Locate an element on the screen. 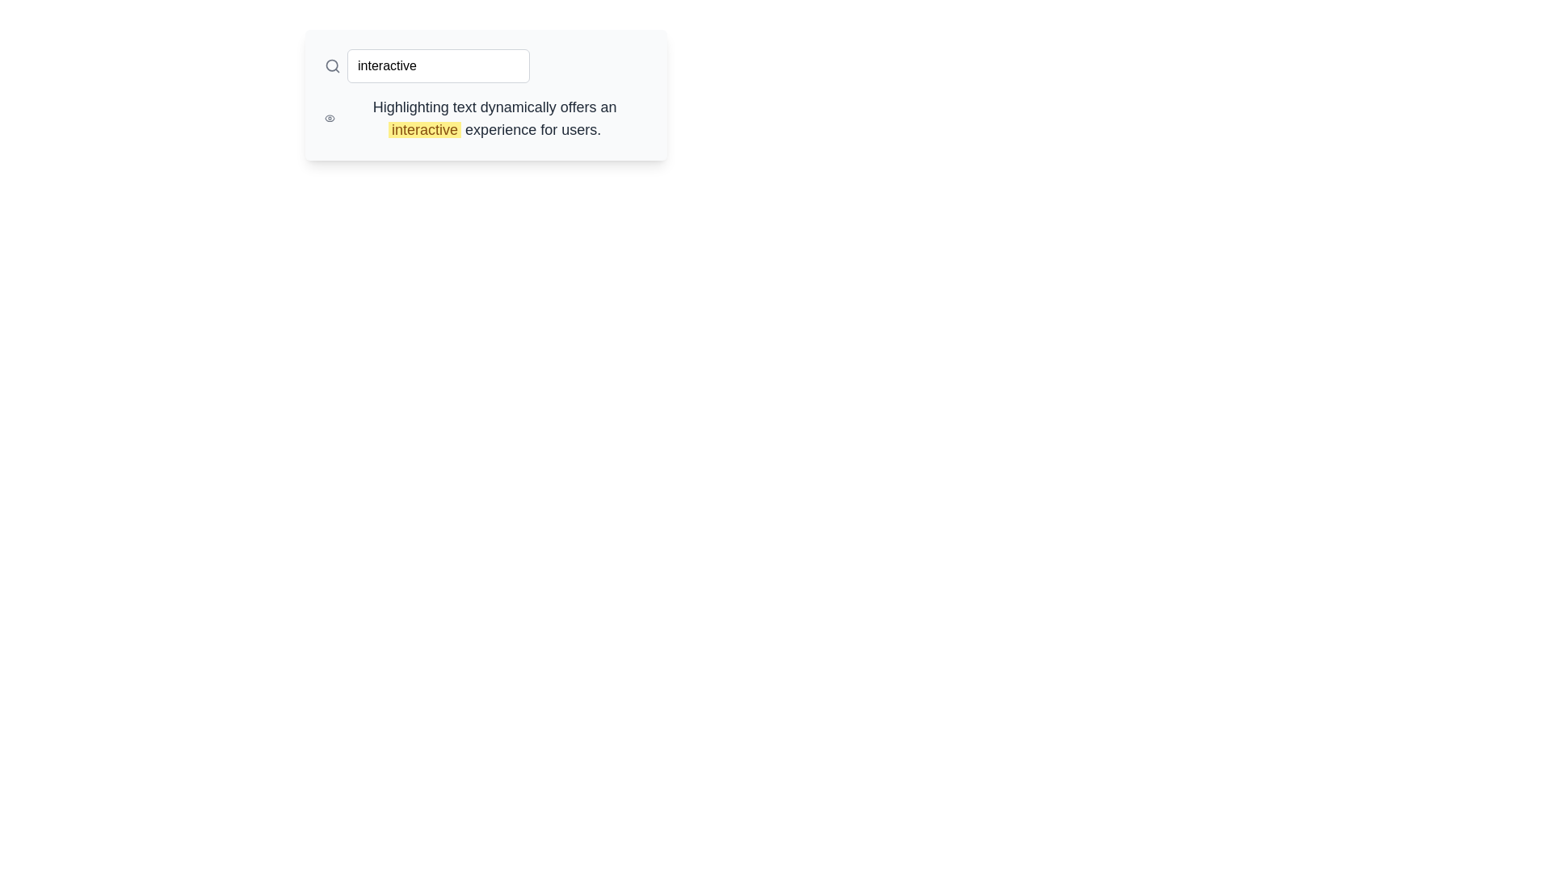 This screenshot has height=872, width=1551. the small circular vector graphic representing the lens of the magnifying glass in the search icon, located adjacent to the input field is located at coordinates (331, 65).